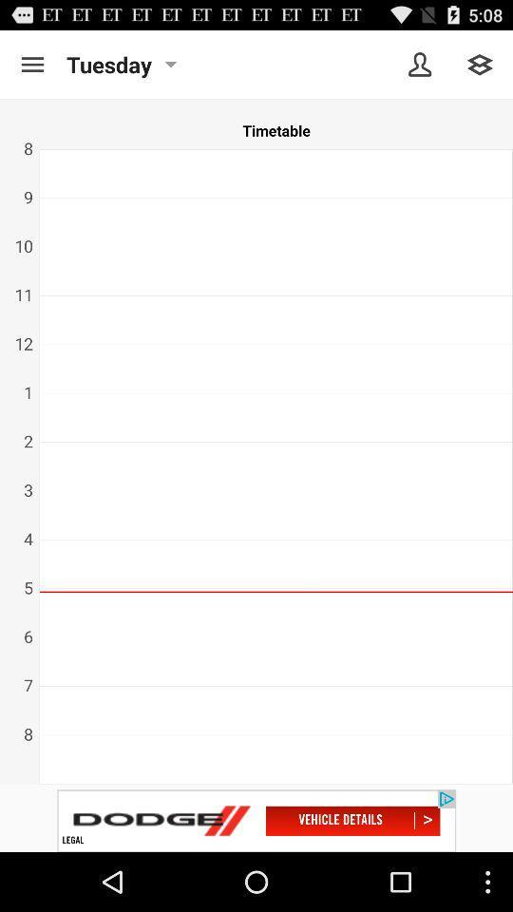  What do you see at coordinates (31, 69) in the screenshot?
I see `the menu icon` at bounding box center [31, 69].